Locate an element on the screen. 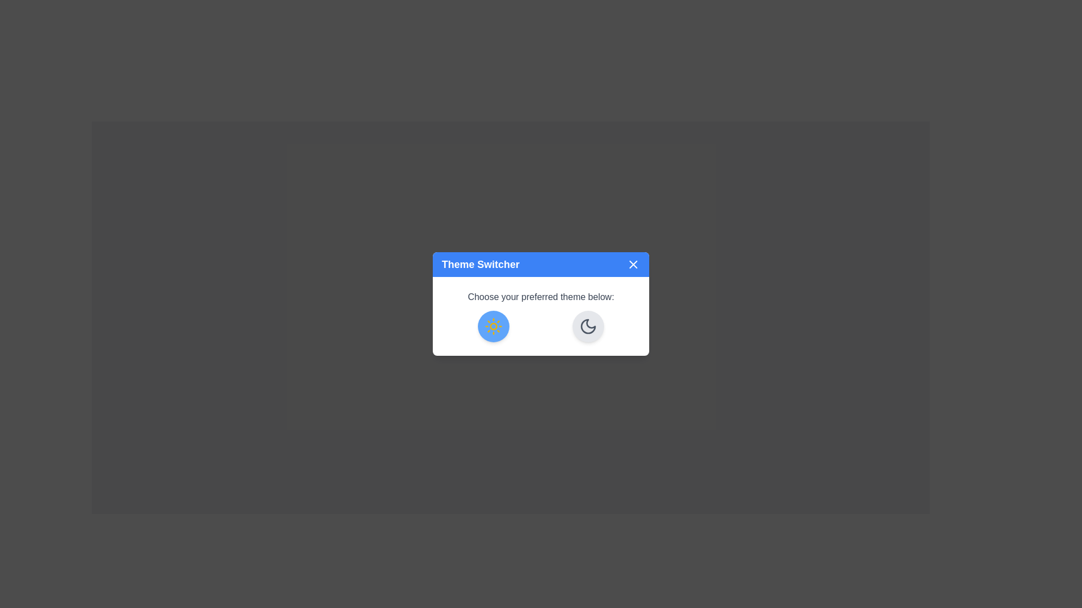 This screenshot has width=1082, height=608. the small button with an 'X' icon on a blue circular background located at the top-right corner of the 'Theme Switcher' modal dialog is located at coordinates (633, 265).